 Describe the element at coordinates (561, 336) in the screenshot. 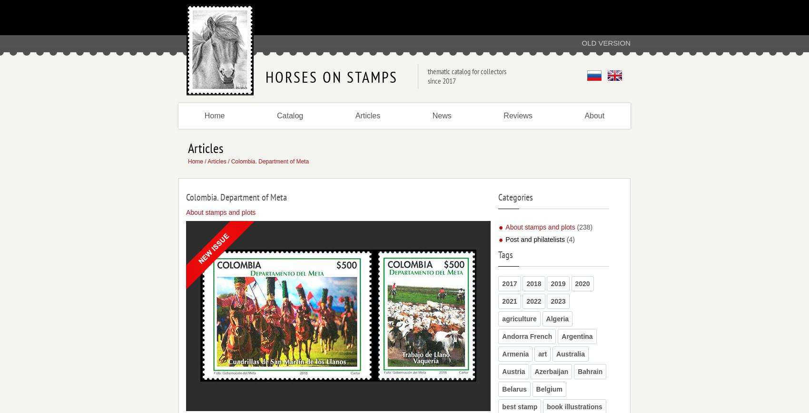

I see `'Argentina'` at that location.